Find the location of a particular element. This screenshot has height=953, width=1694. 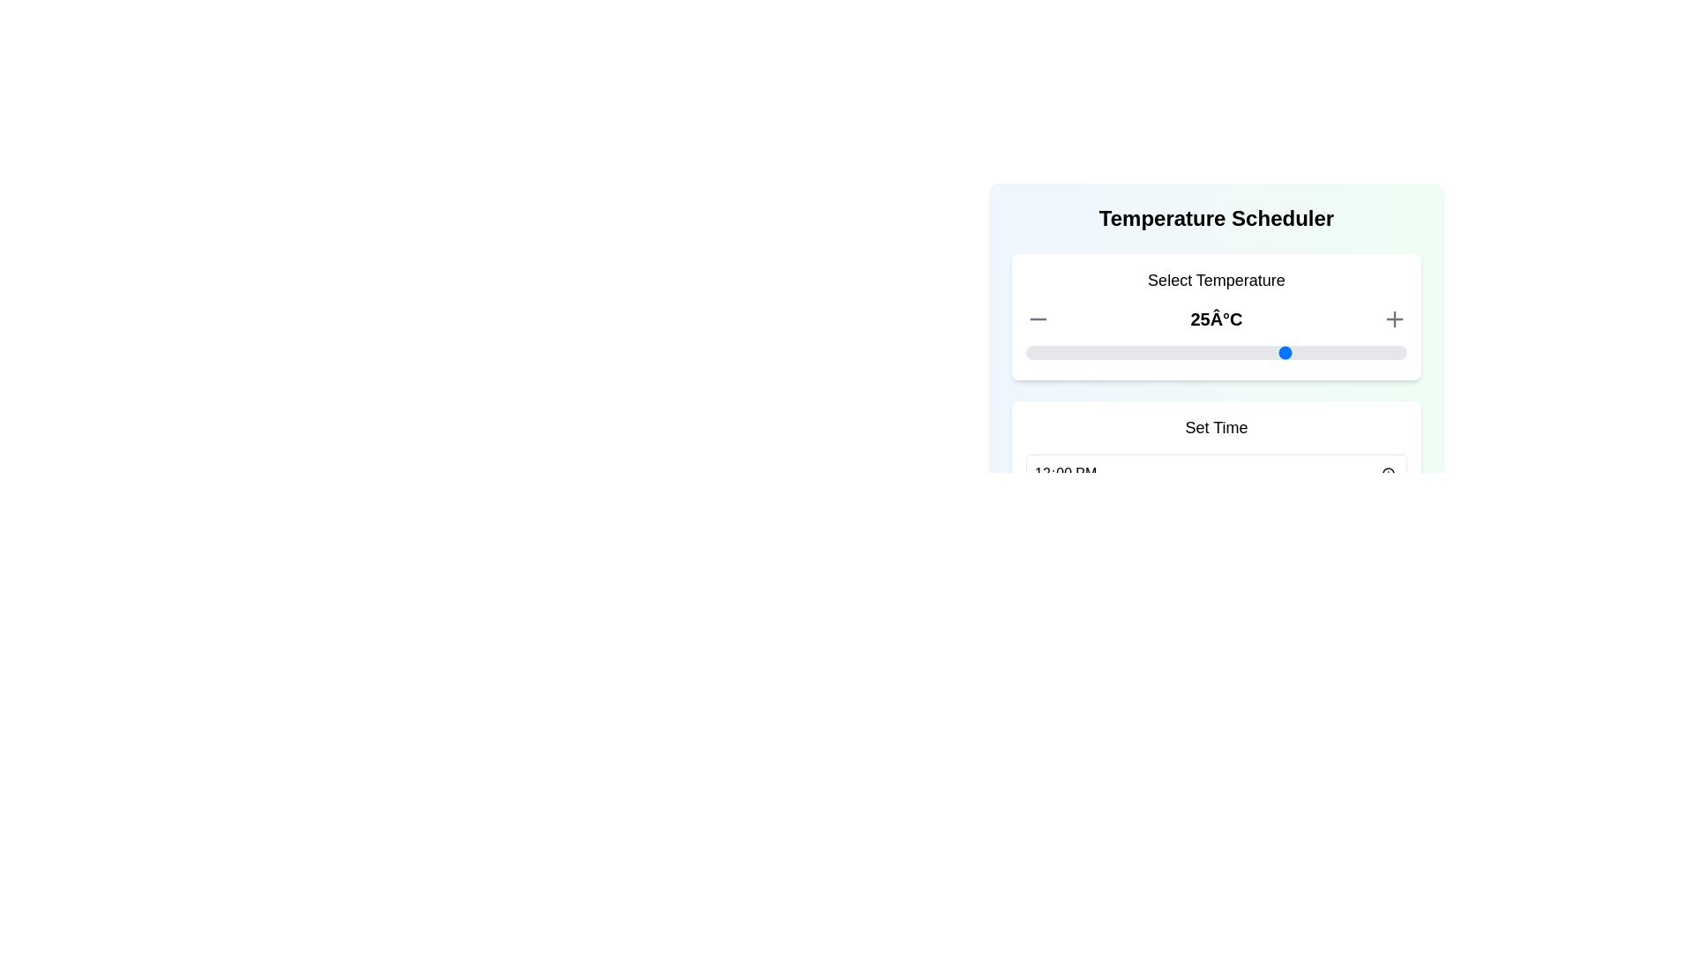

the temperature slider is located at coordinates (1293, 353).